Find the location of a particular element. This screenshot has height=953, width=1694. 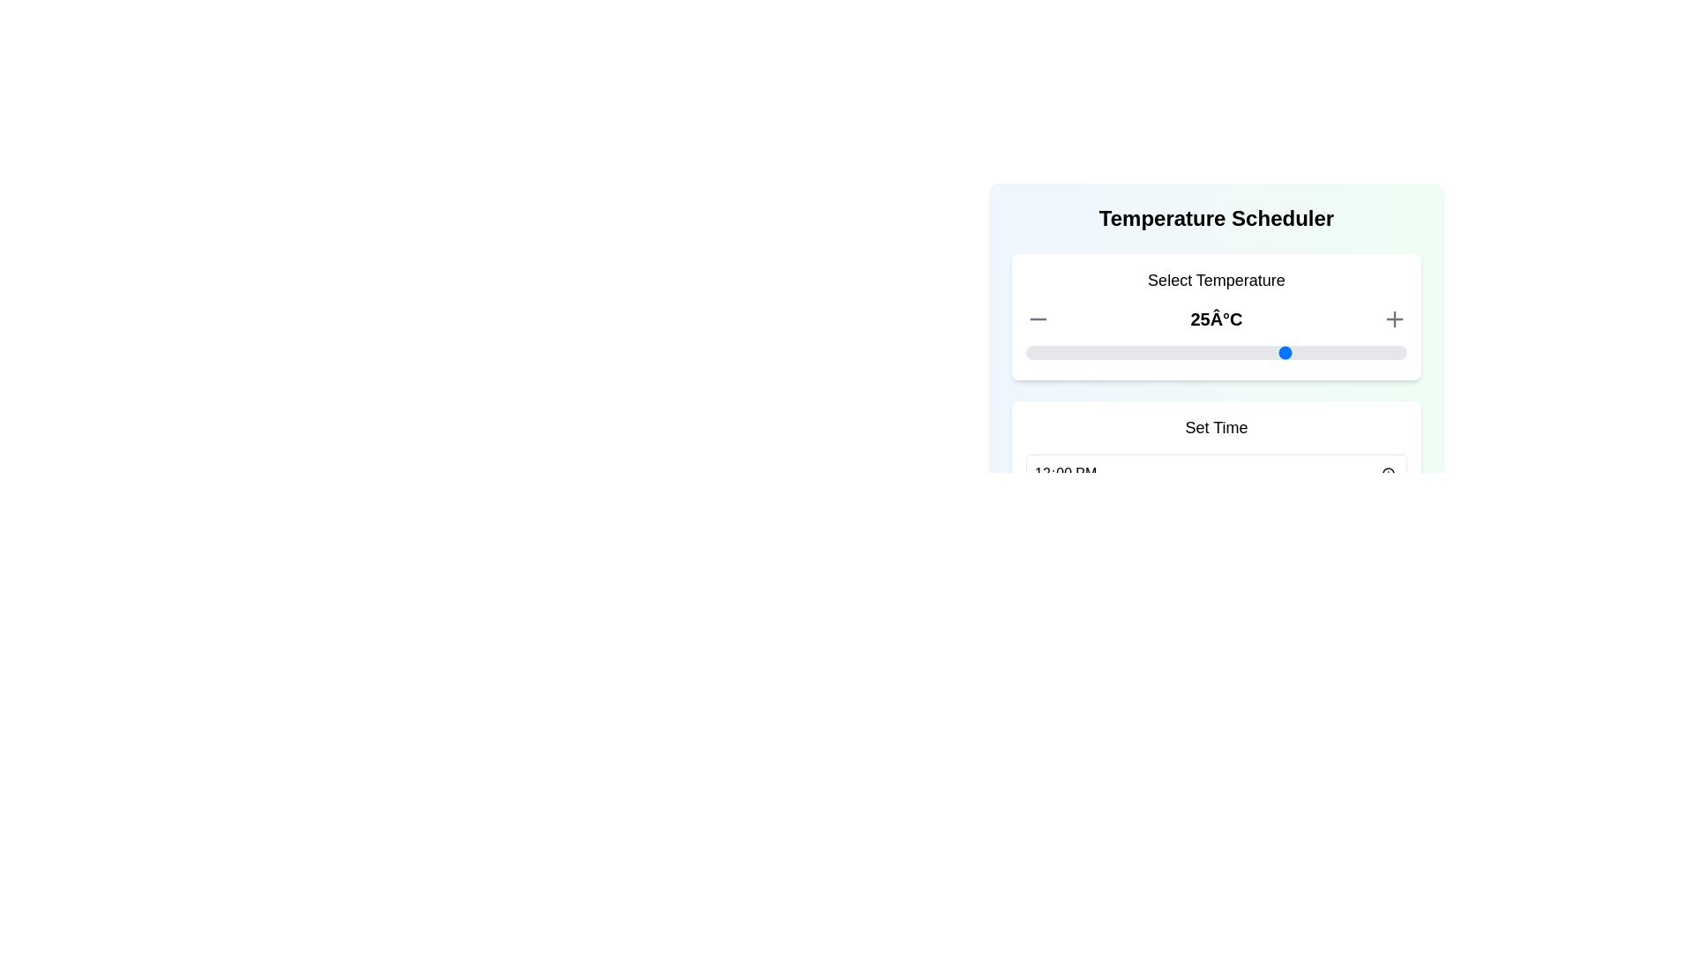

the temperature slider is located at coordinates (1293, 353).